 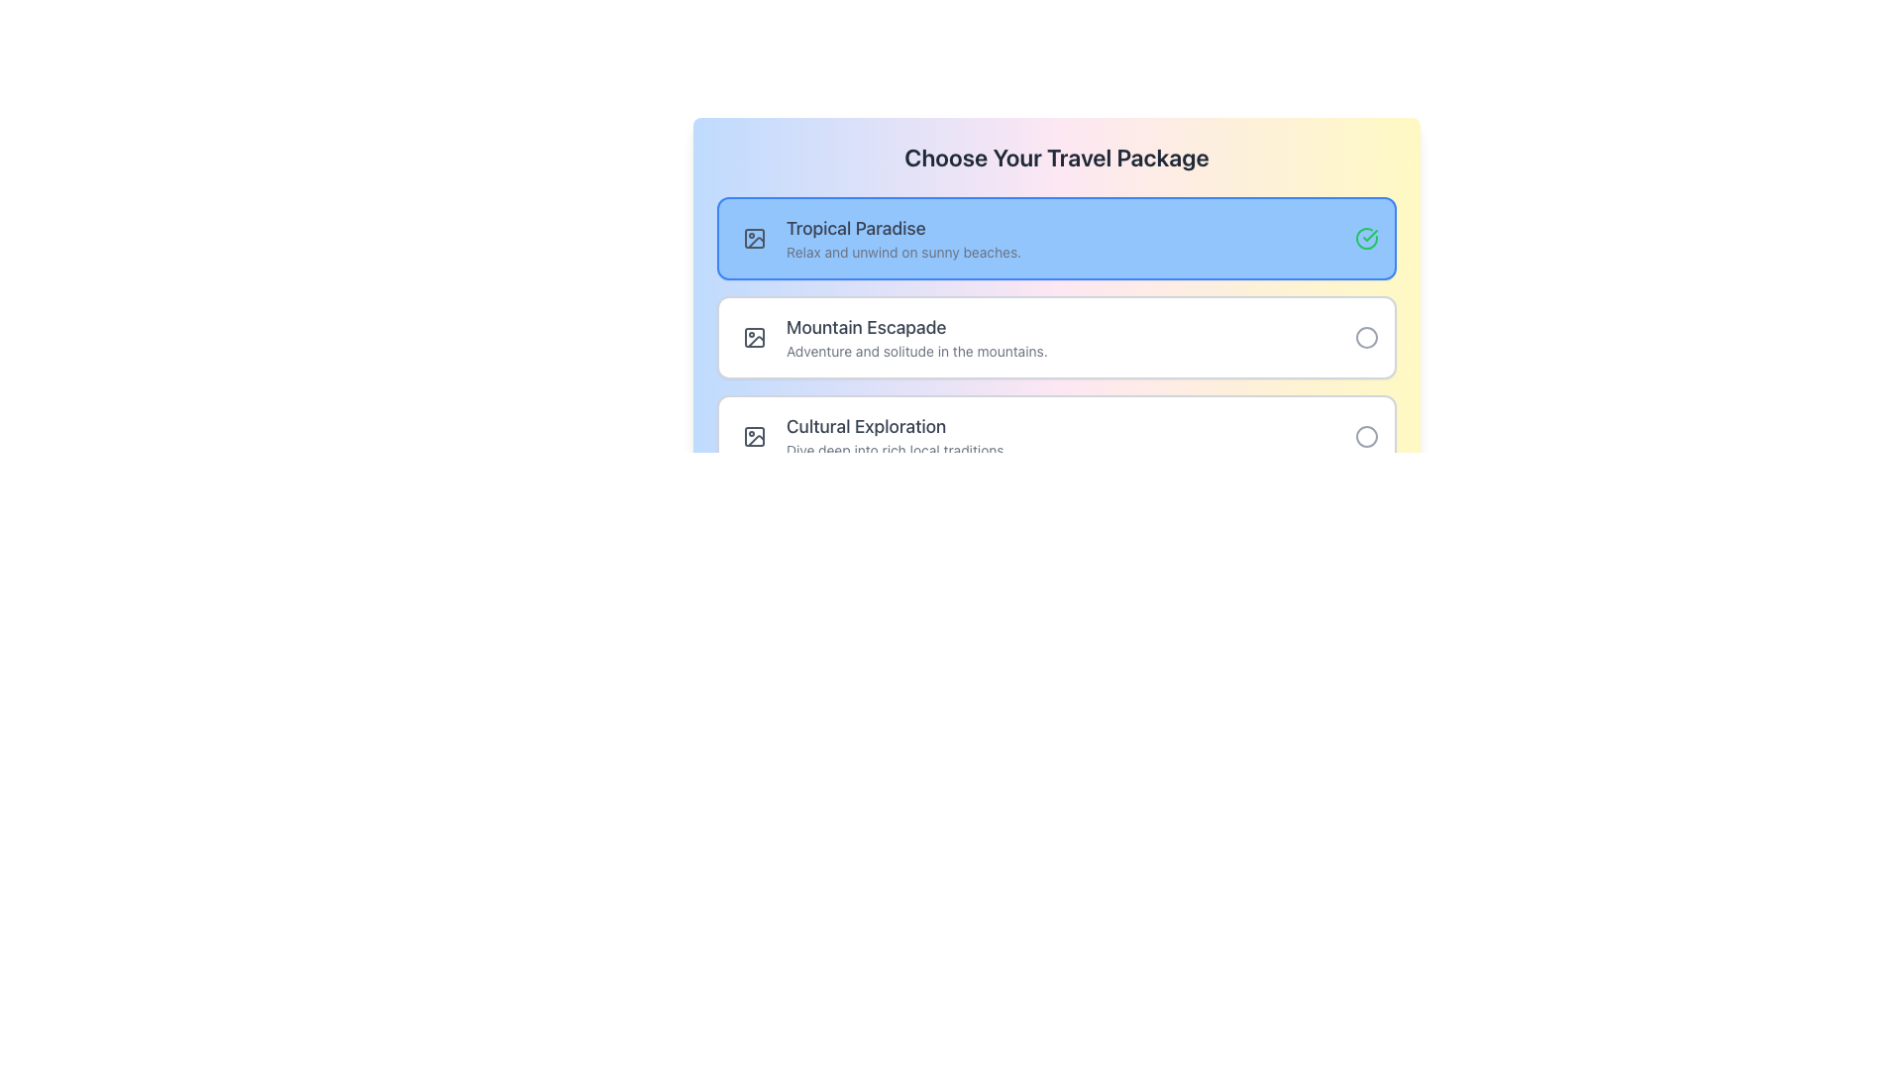 What do you see at coordinates (754, 237) in the screenshot?
I see `the icon representing an image, which is styled with a thin black outline and placed on a light blue background, located within the selection box titled 'Tropical Paradise'` at bounding box center [754, 237].